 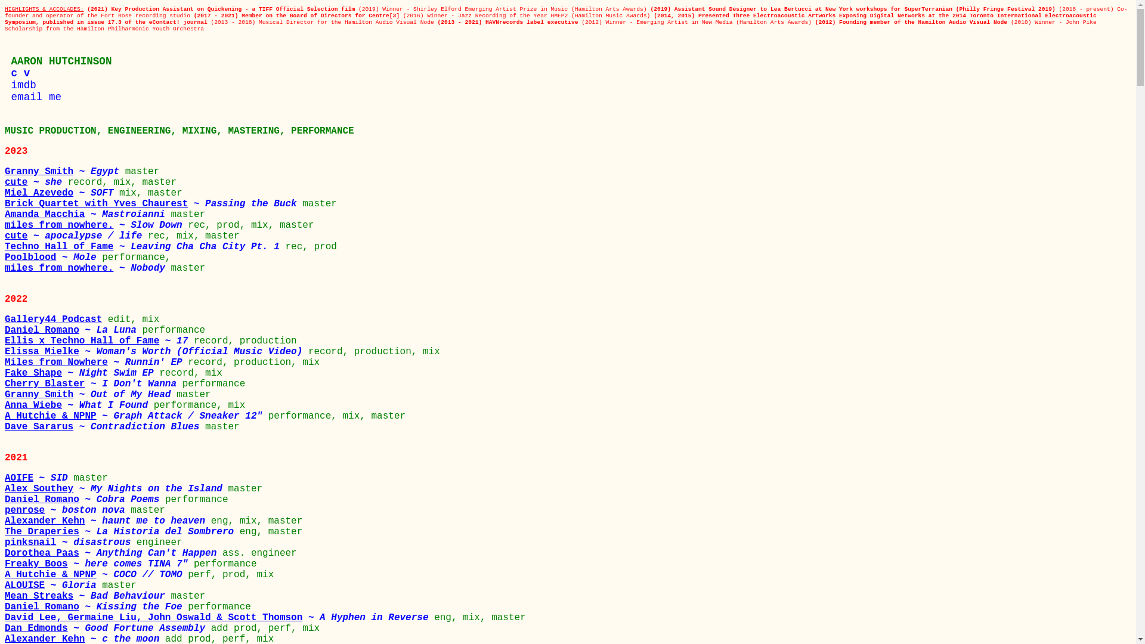 I want to click on 'Amanda Macchia ~ Mastroianni', so click(x=87, y=213).